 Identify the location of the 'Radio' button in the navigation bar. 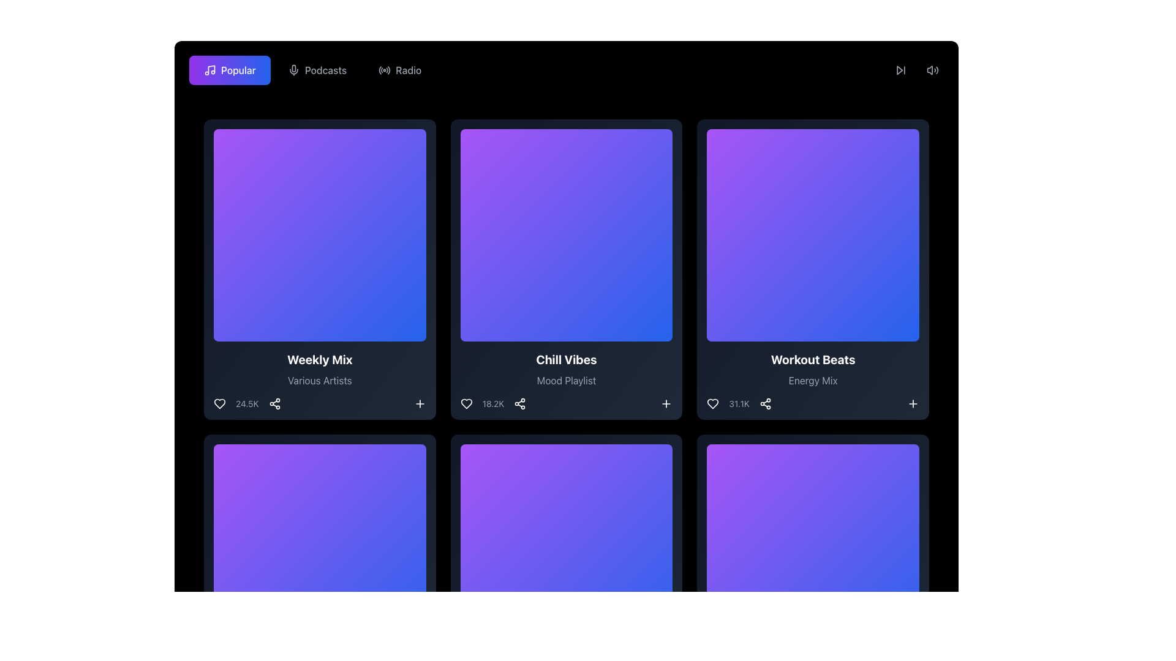
(399, 70).